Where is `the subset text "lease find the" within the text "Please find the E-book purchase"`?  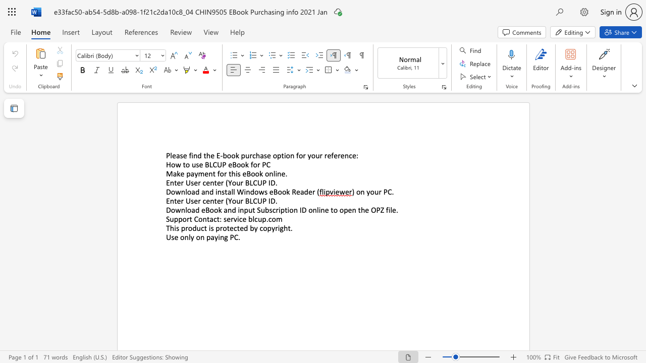
the subset text "lease find the" within the text "Please find the E-book purchase" is located at coordinates (170, 155).